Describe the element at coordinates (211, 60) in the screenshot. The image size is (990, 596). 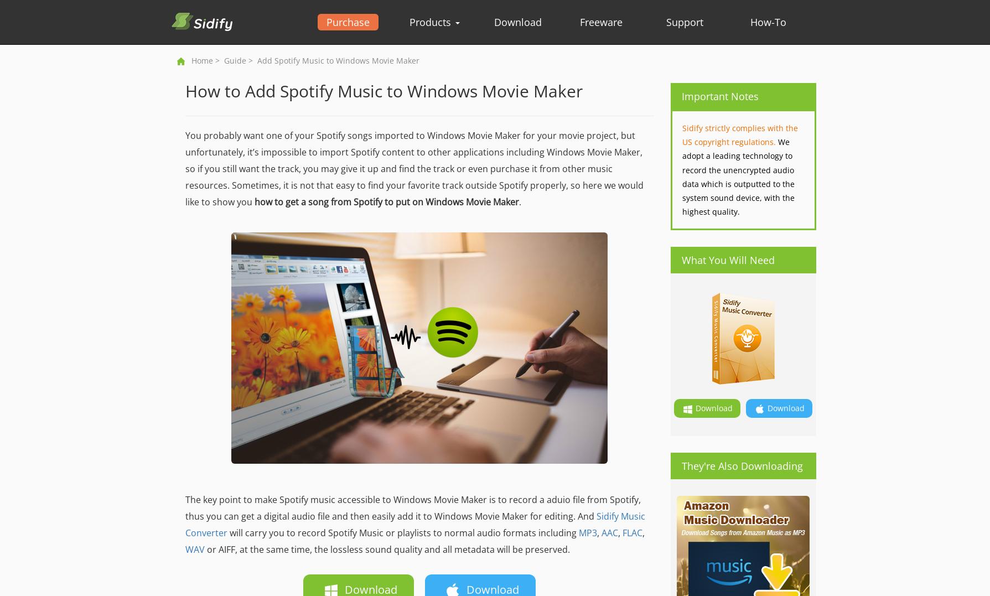
I see `'>'` at that location.